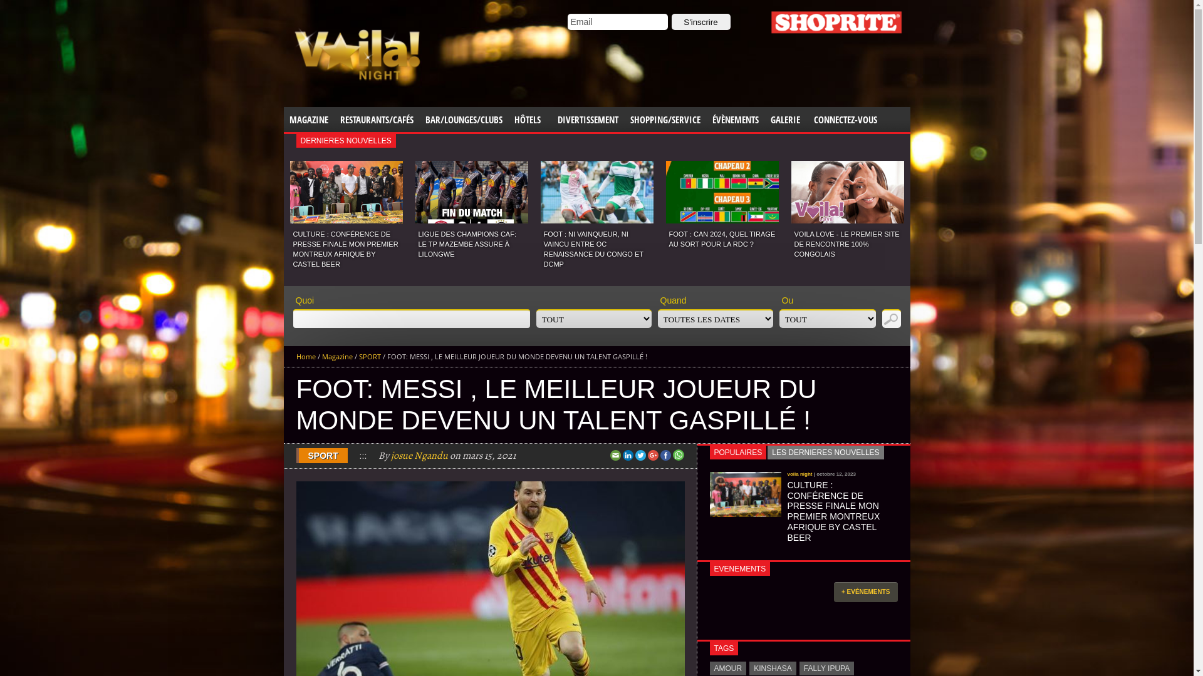  What do you see at coordinates (628, 455) in the screenshot?
I see `'LinkedIn'` at bounding box center [628, 455].